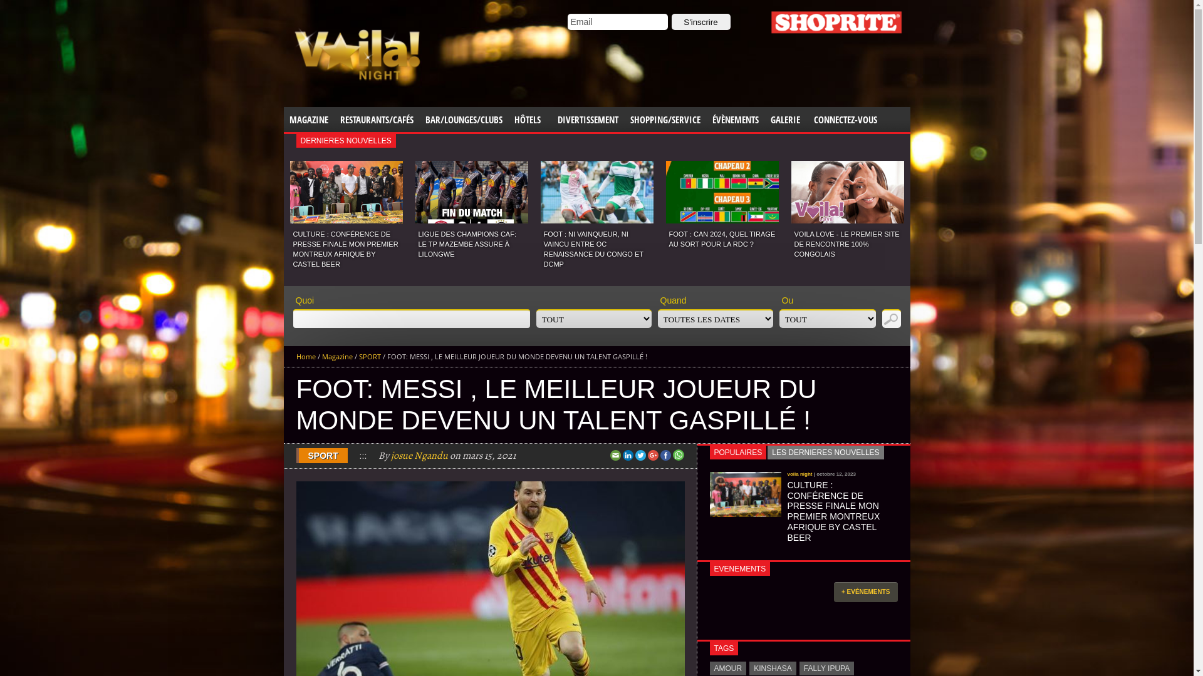  What do you see at coordinates (628, 455) in the screenshot?
I see `'LinkedIn'` at bounding box center [628, 455].